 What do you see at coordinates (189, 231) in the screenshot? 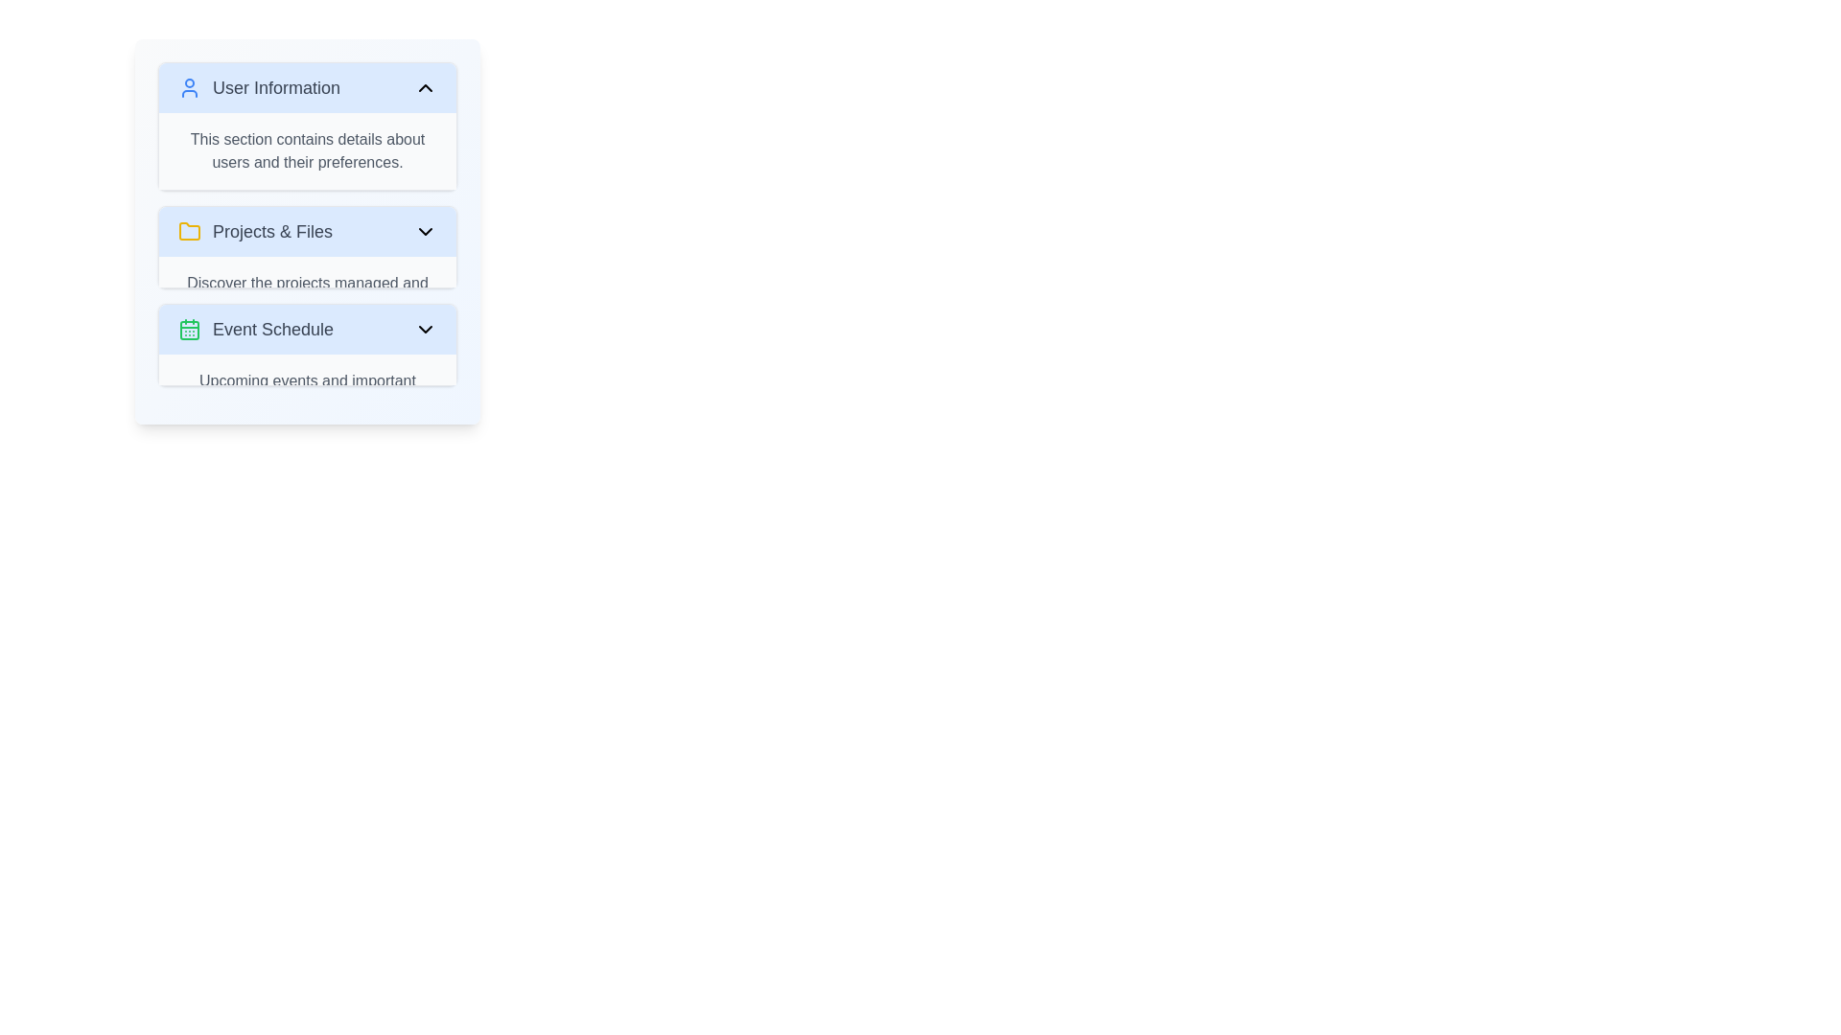
I see `the yellow folder-shaped icon located to the left of the text 'Projects & Files' in the second section of the interface` at bounding box center [189, 231].